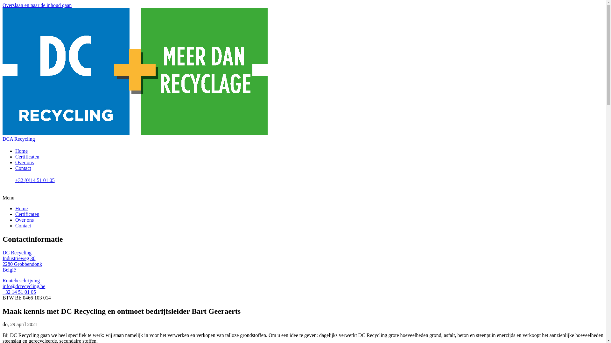 Image resolution: width=611 pixels, height=343 pixels. Describe the element at coordinates (24, 286) in the screenshot. I see `'info@dcrecycling.be'` at that location.